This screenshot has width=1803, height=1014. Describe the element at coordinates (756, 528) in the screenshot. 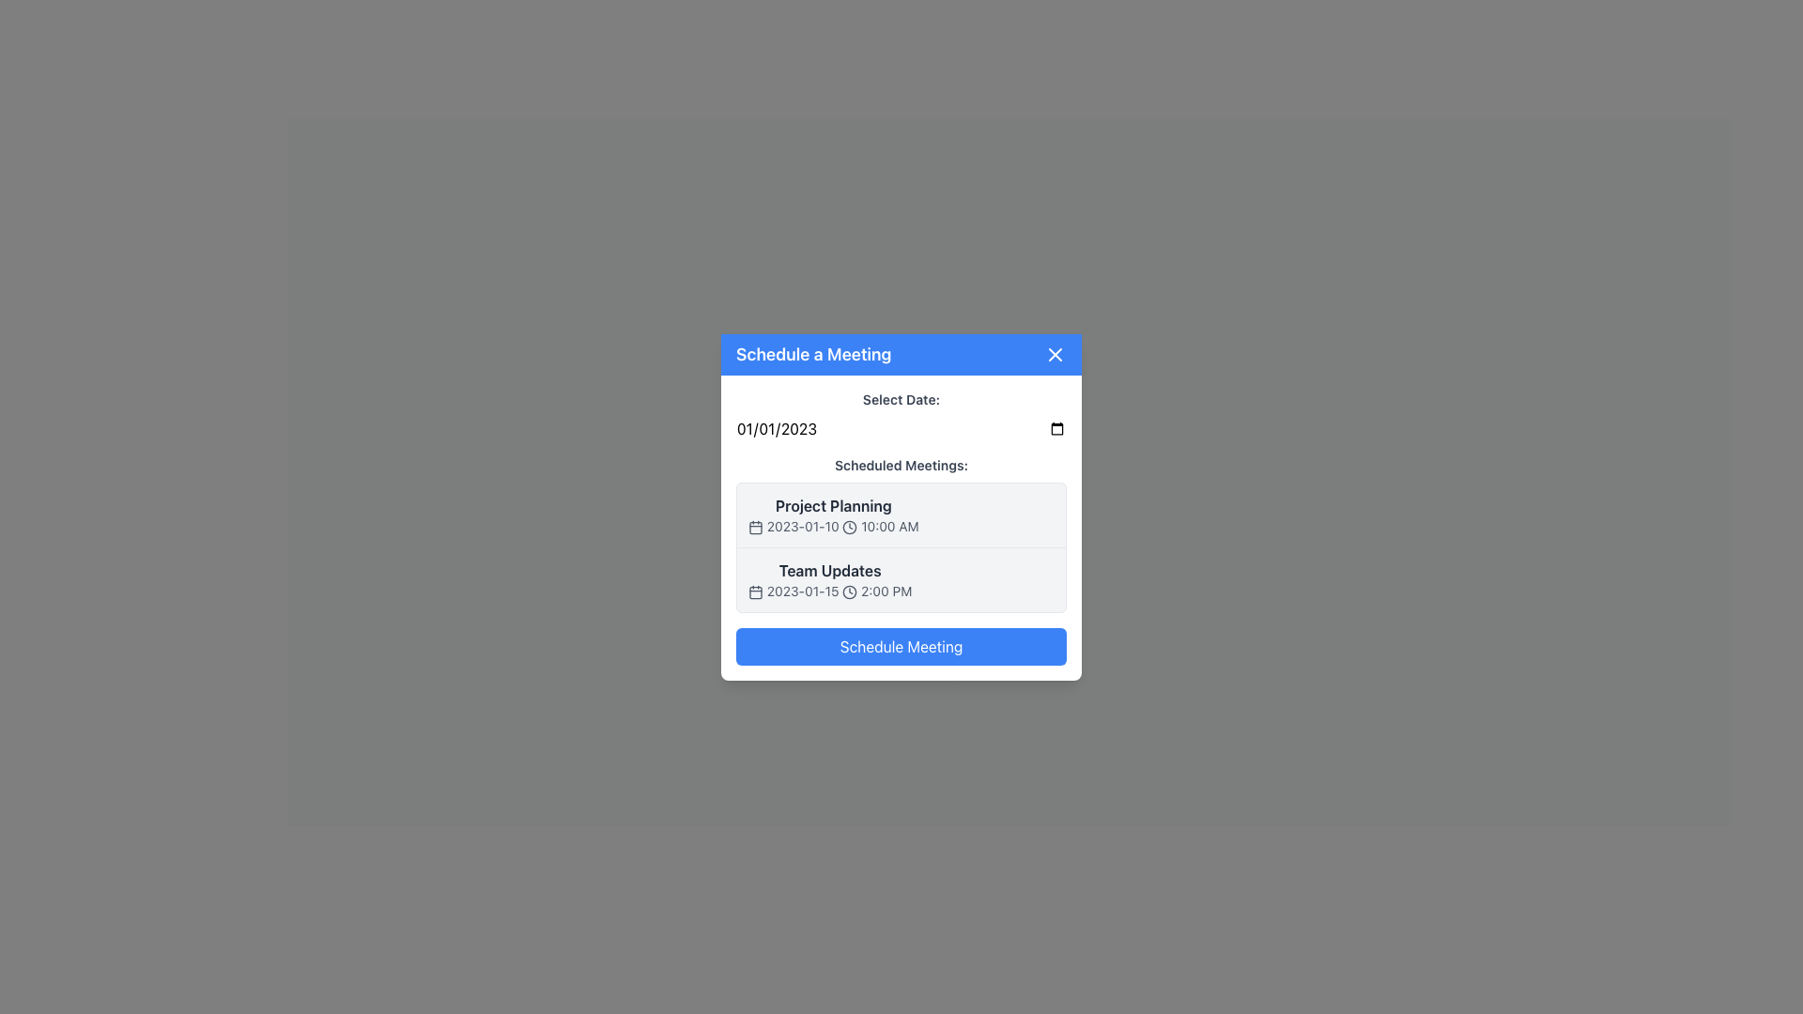

I see `the rectangular icon with rounded corners representing a date or event in the calendar icon of the scheduled meeting list for 'Project Planning'` at that location.